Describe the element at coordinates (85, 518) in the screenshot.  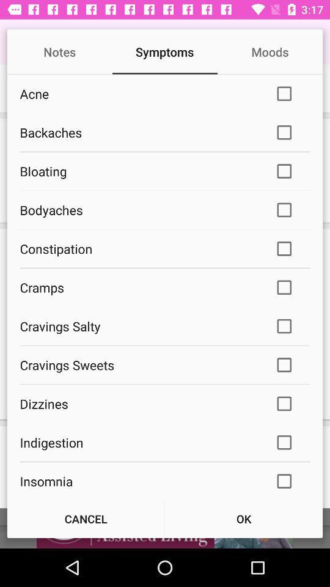
I see `cancel icon` at that location.